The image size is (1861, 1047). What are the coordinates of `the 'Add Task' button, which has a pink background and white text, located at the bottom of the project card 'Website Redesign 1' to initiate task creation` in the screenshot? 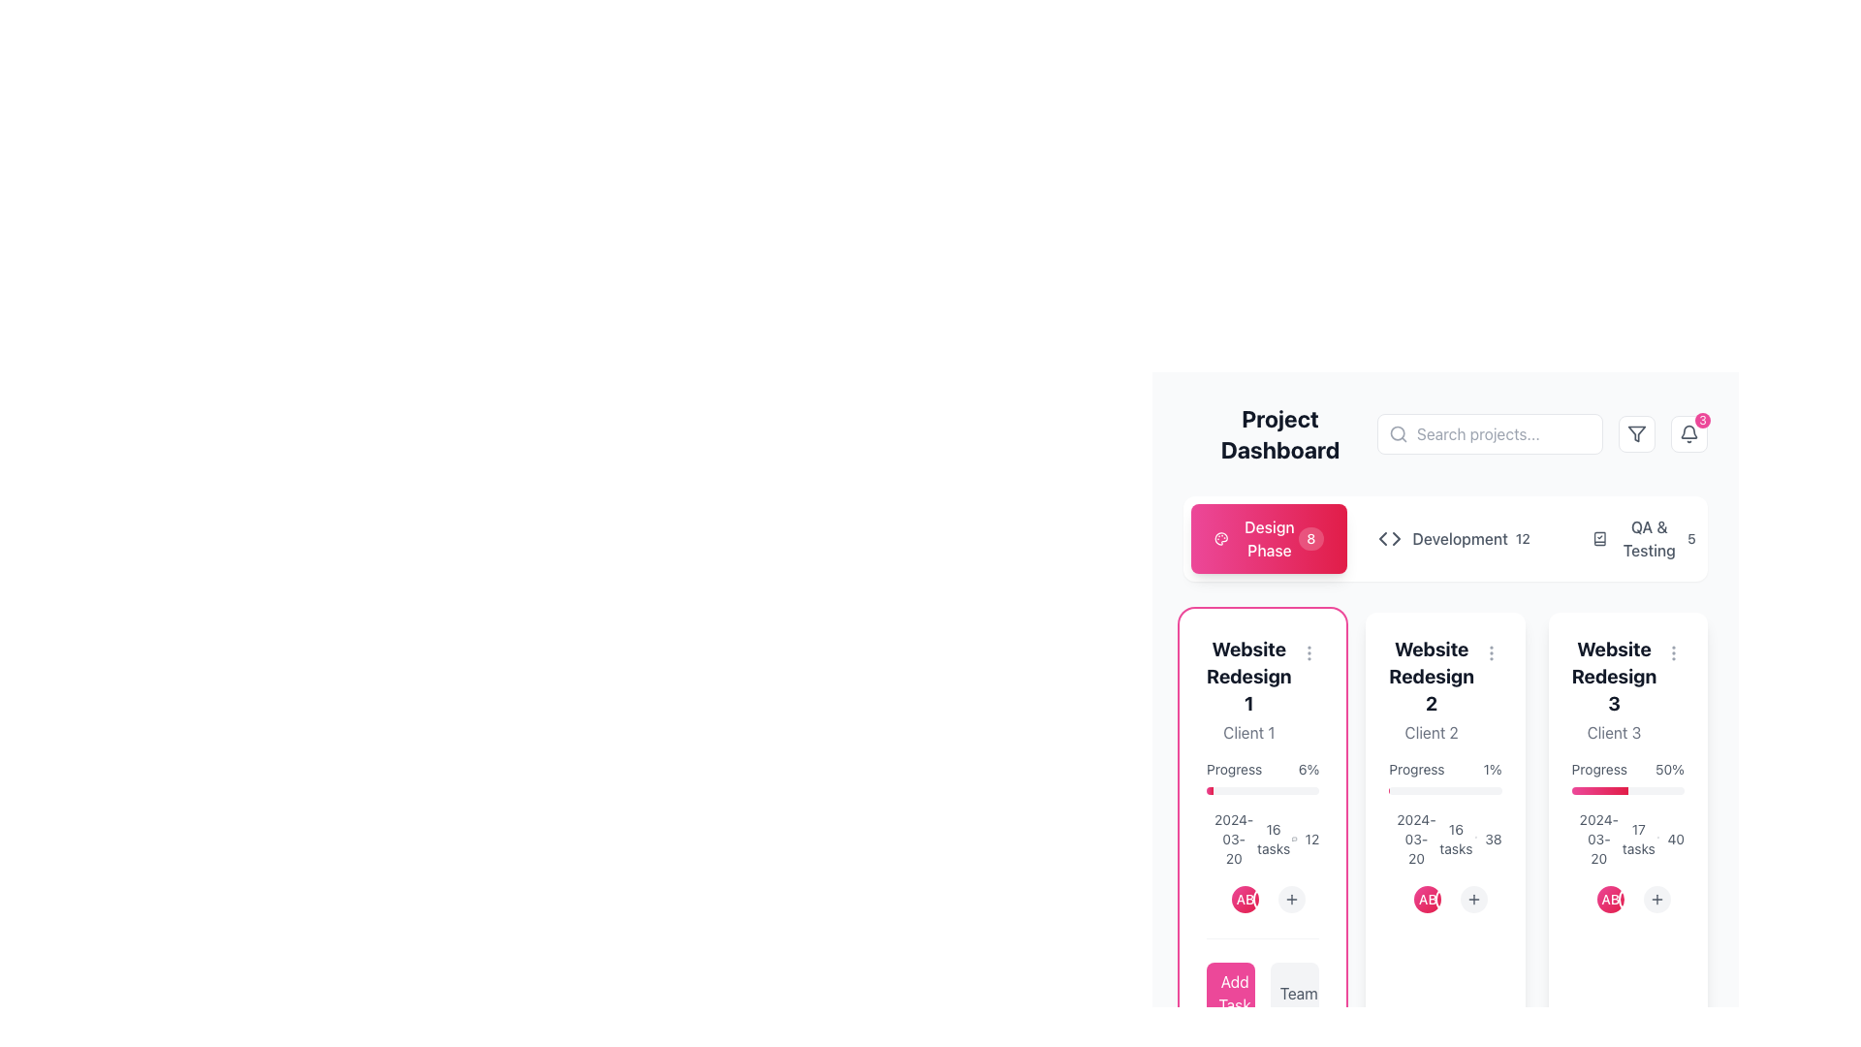 It's located at (1263, 981).